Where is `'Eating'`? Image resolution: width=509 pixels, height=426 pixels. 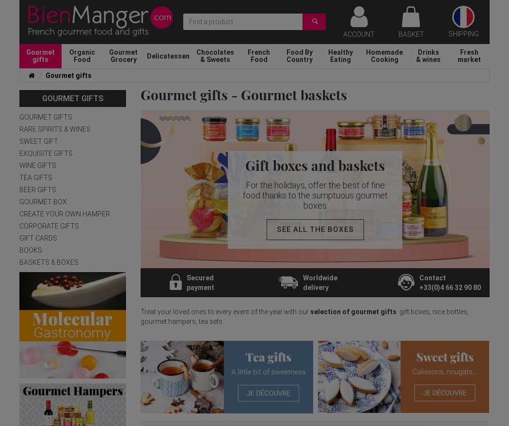
'Eating' is located at coordinates (340, 60).